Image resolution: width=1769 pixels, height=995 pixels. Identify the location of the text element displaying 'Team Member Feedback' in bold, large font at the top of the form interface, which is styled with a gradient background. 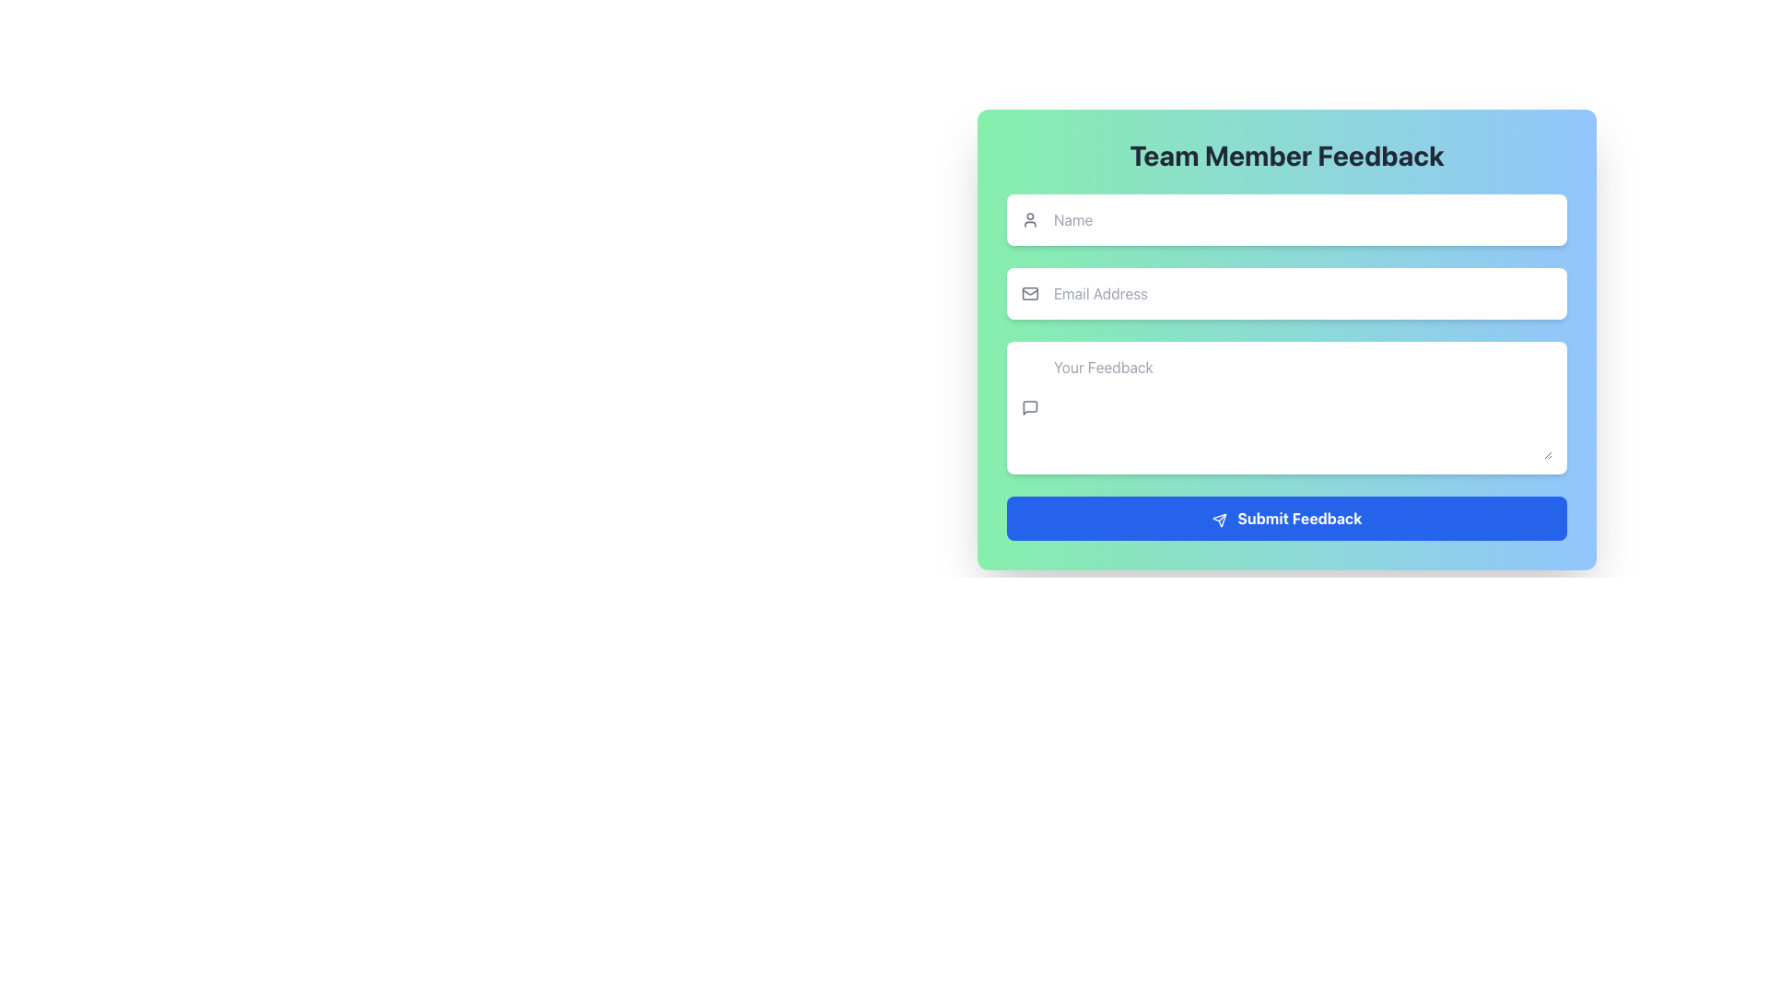
(1285, 155).